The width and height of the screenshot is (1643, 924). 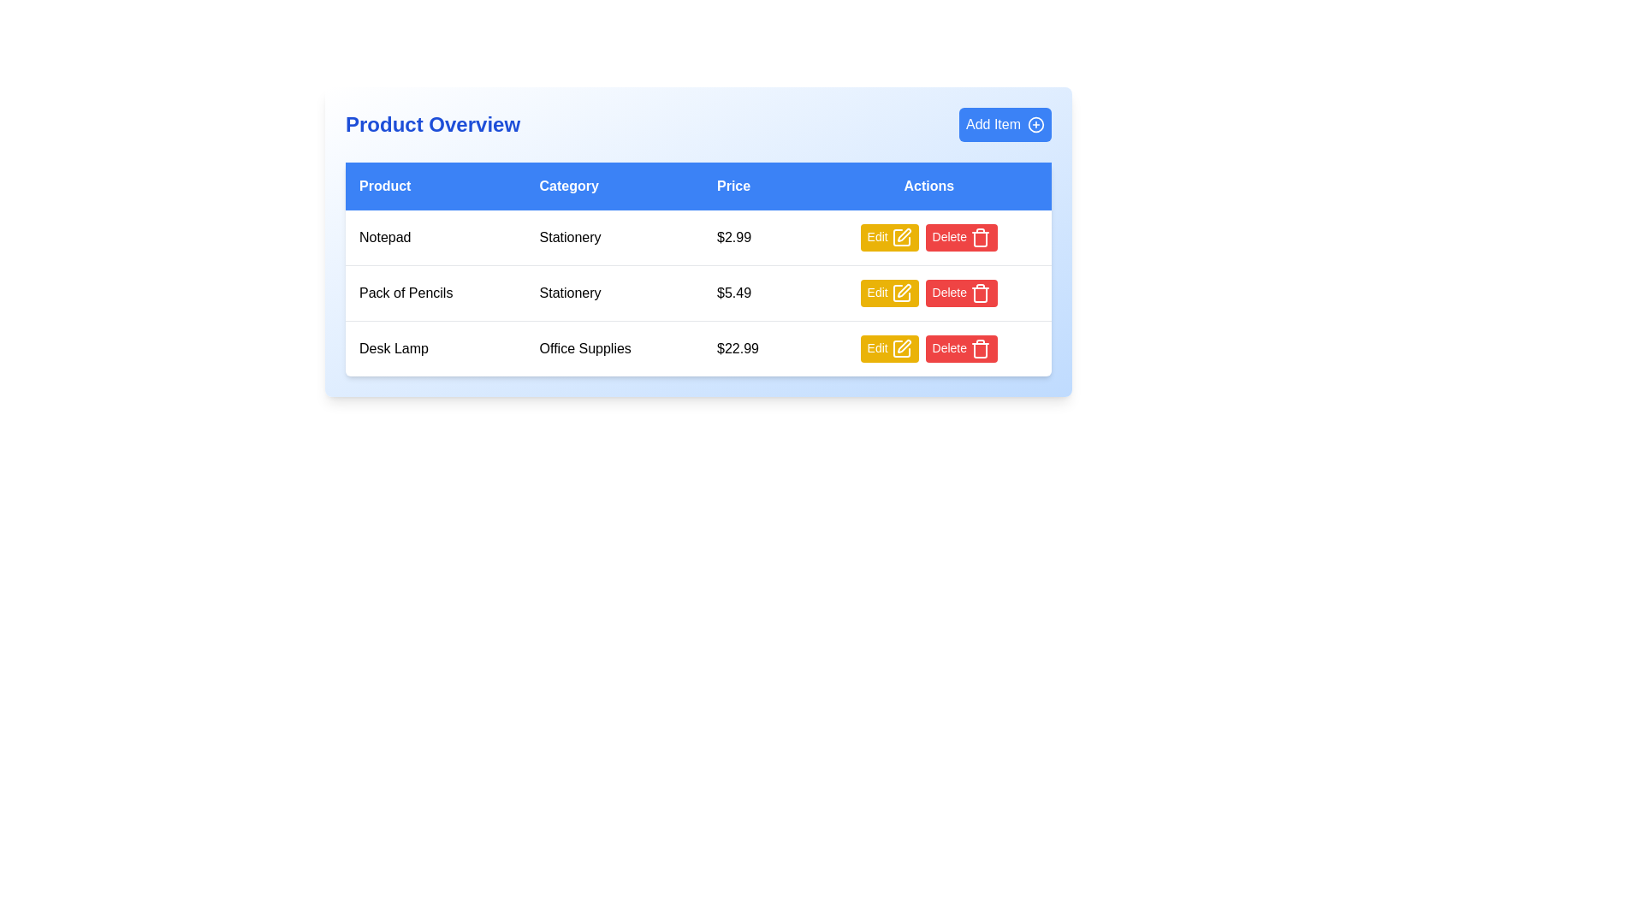 I want to click on the 'Edit' icon located inside the 'Edit' button in the 'Actions' column of the first row for the 'Notepad' entry to initiate editing actions, so click(x=900, y=237).